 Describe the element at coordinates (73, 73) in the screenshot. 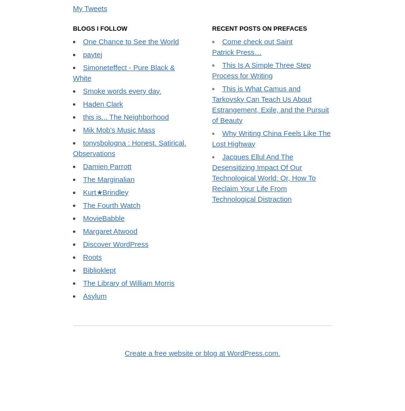

I see `'Follow me on Twitter'` at that location.